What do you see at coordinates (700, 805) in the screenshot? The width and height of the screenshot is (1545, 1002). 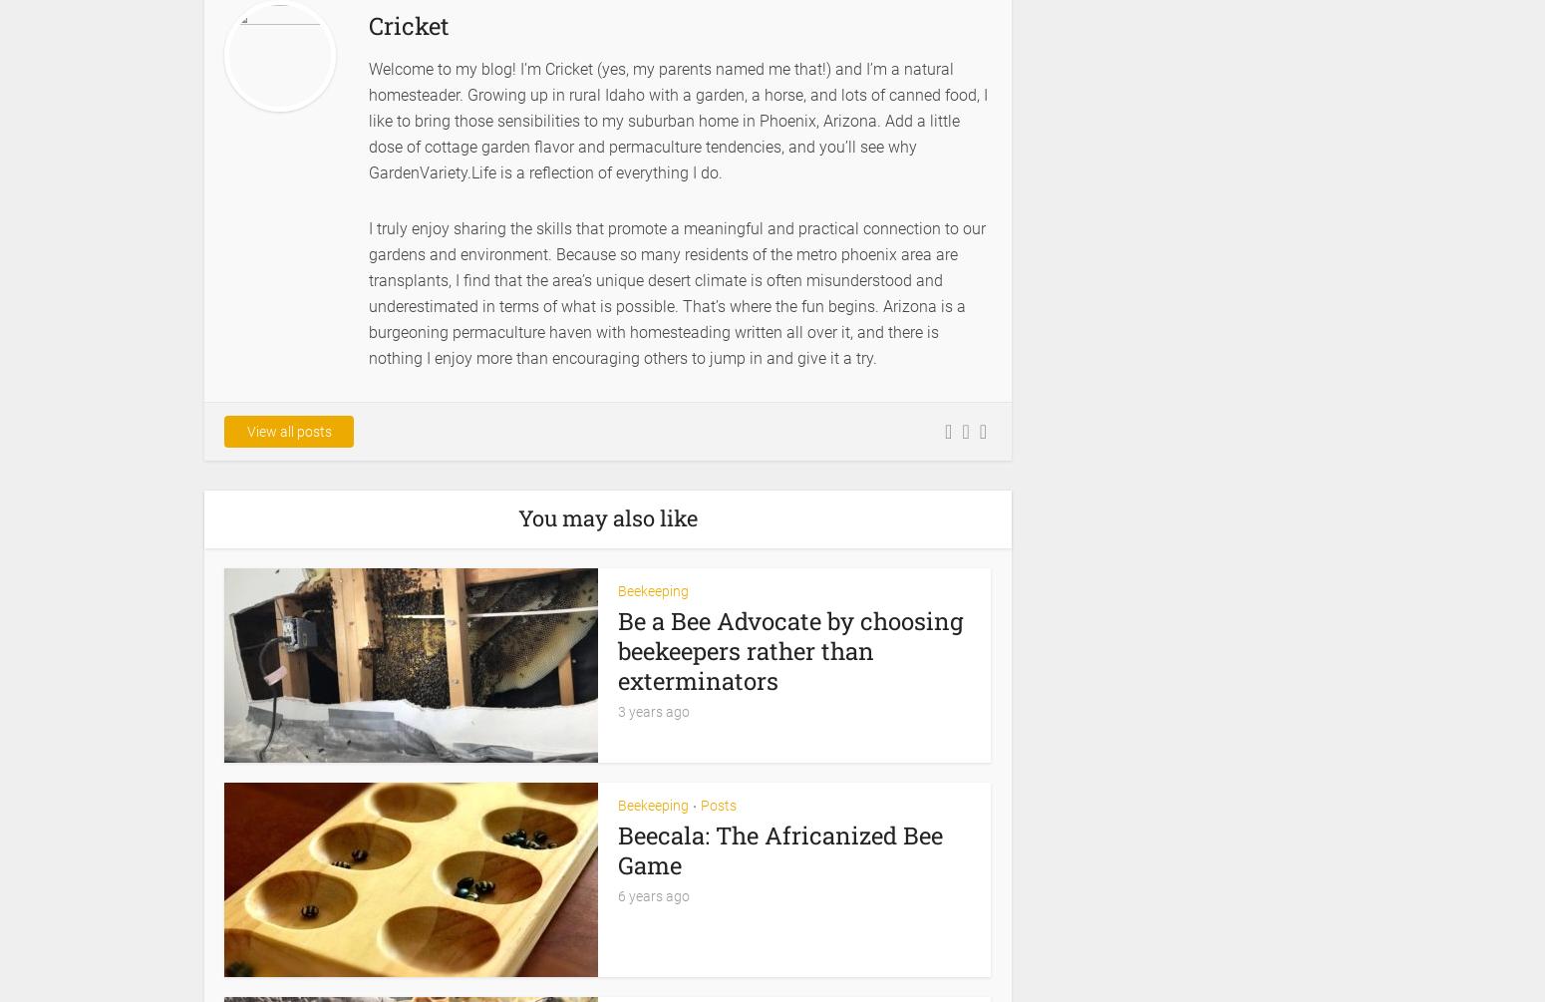 I see `'Posts'` at bounding box center [700, 805].